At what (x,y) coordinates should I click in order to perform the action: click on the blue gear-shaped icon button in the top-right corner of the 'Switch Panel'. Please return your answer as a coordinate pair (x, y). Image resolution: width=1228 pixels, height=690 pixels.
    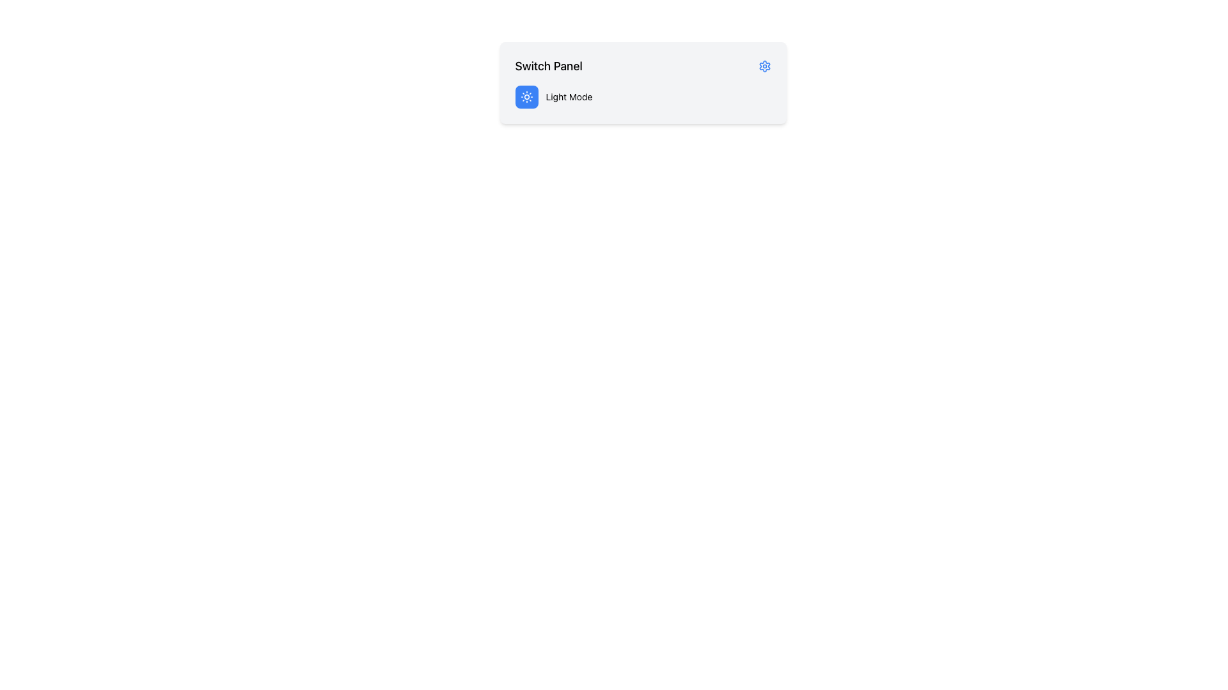
    Looking at the image, I should click on (764, 66).